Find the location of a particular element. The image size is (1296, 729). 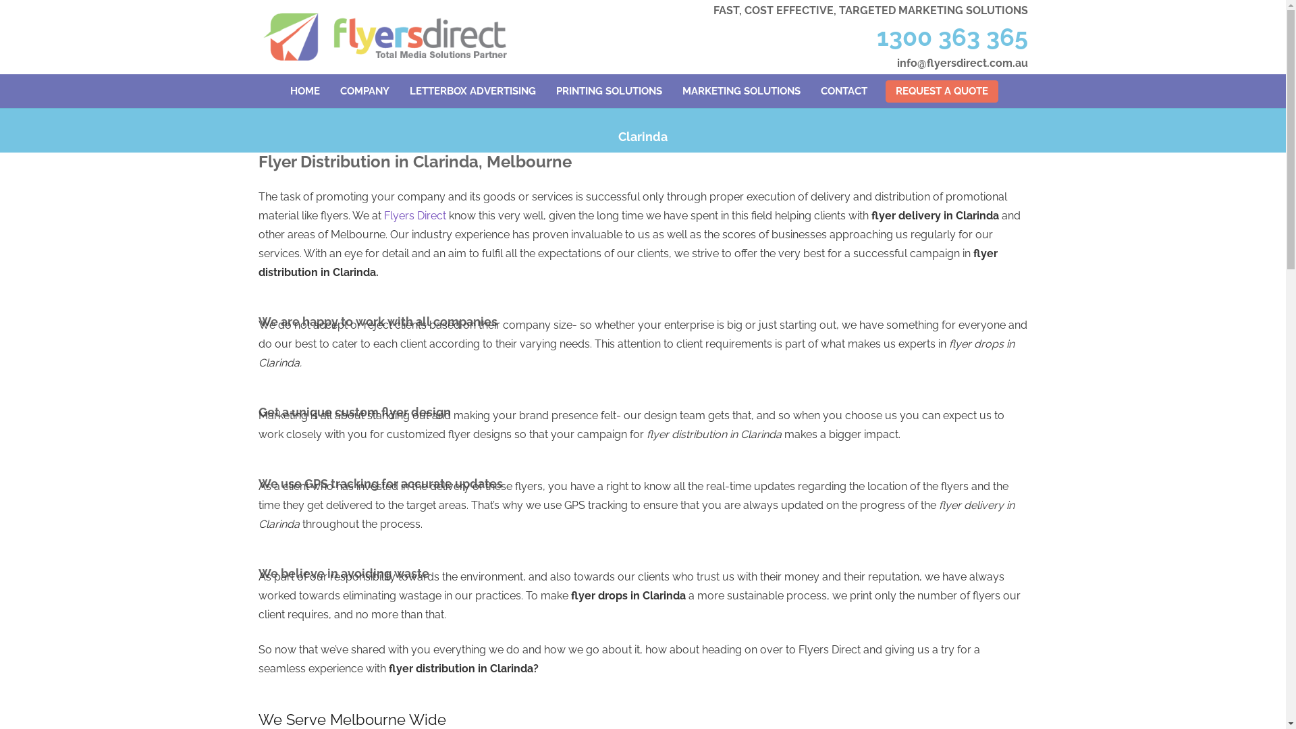

'LETTERBOX ADVERTISING' is located at coordinates (473, 91).